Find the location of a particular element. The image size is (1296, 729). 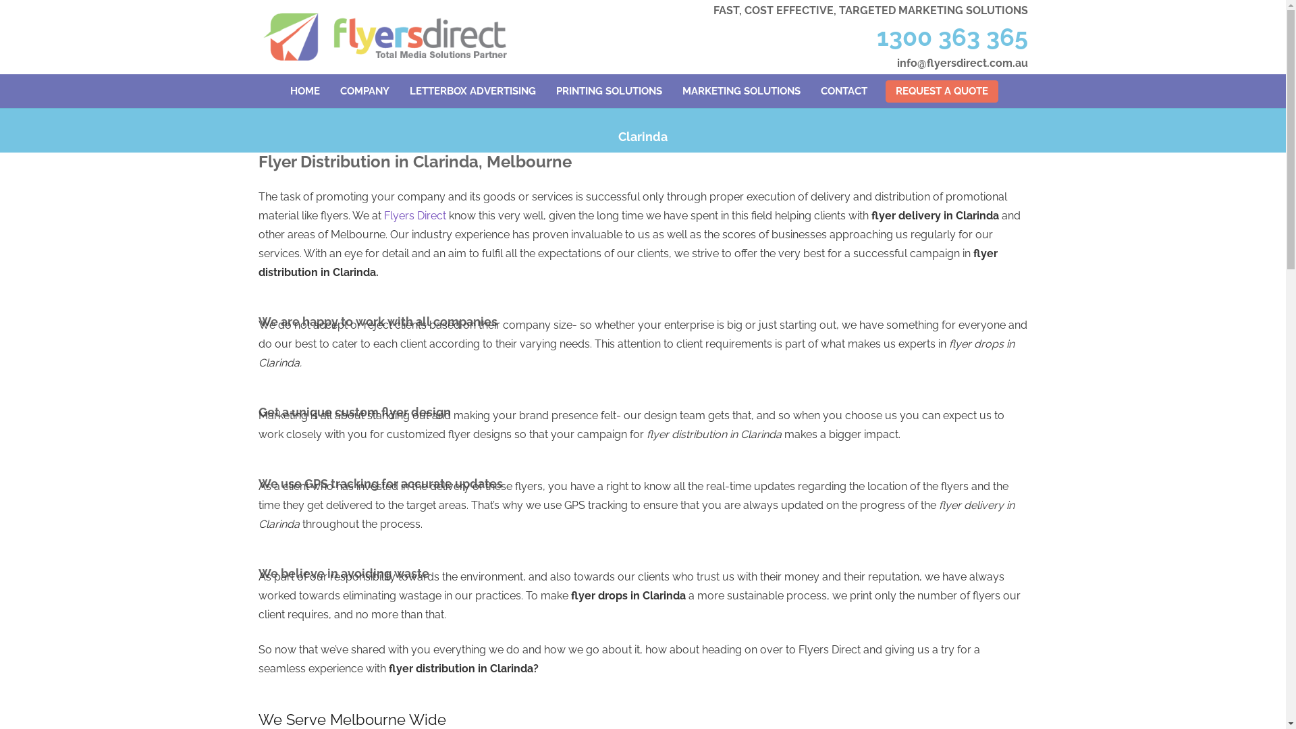

'LETTERBOX ADVERTISING' is located at coordinates (473, 91).